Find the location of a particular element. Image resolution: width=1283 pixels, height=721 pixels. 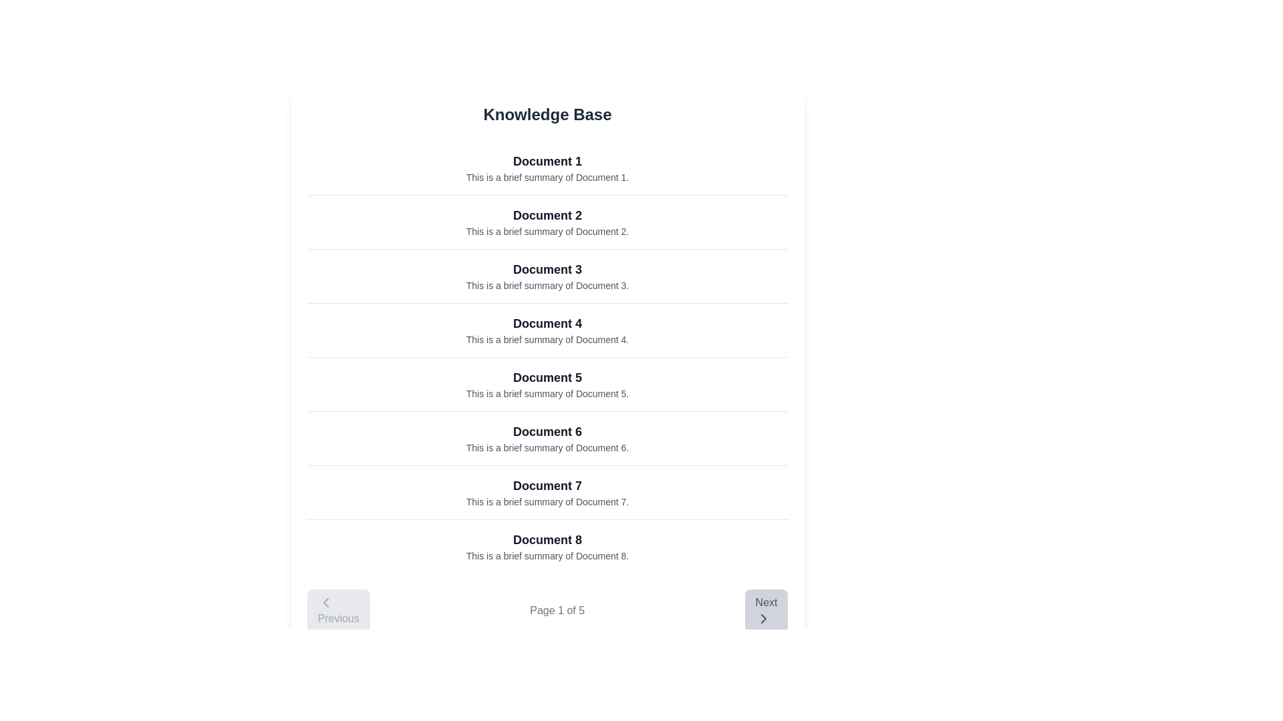

the text label displaying 'This is a brief summary of Document 5.' located below the title 'Document 5' in the 'Knowledge Base' content list is located at coordinates (547, 393).